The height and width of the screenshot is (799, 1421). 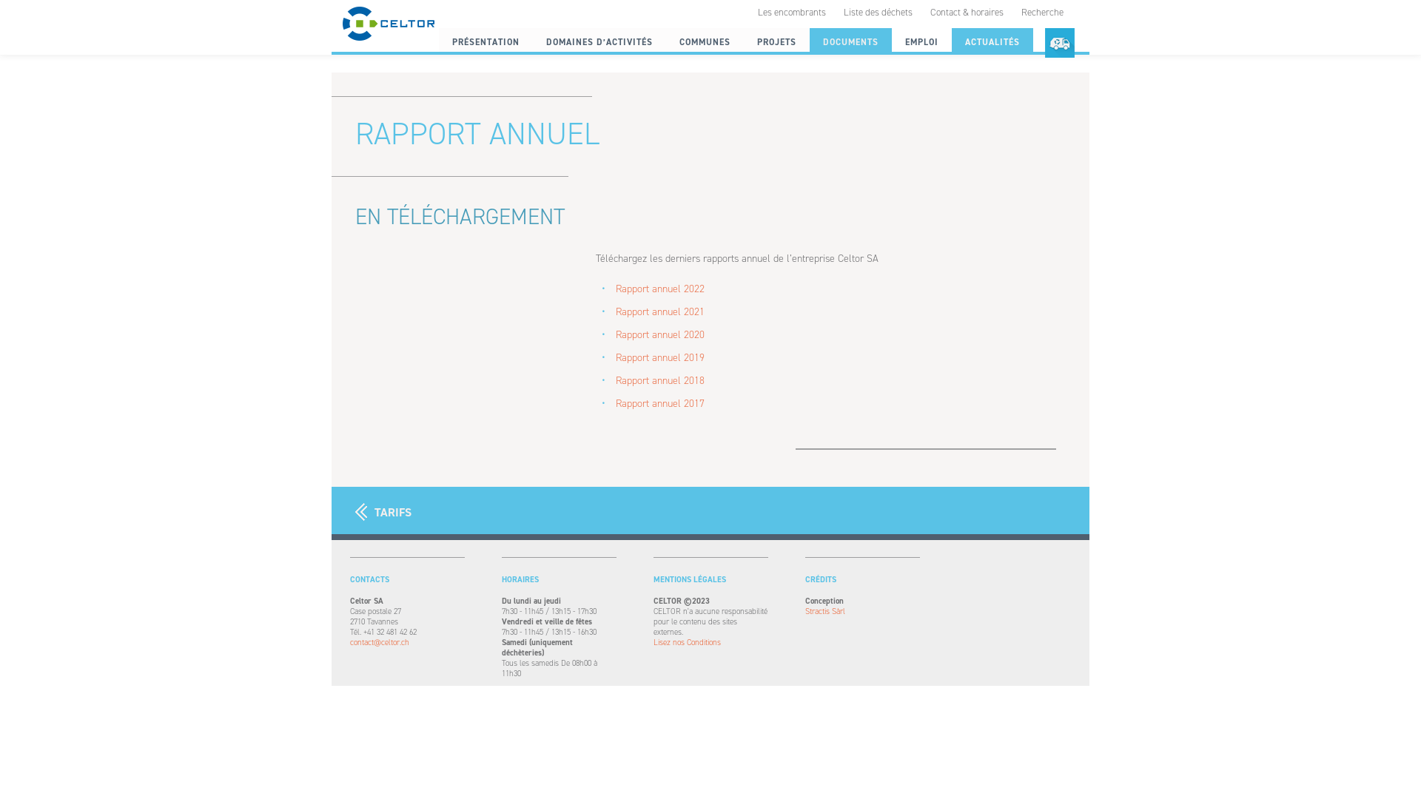 I want to click on 'COMMUNES', so click(x=704, y=41).